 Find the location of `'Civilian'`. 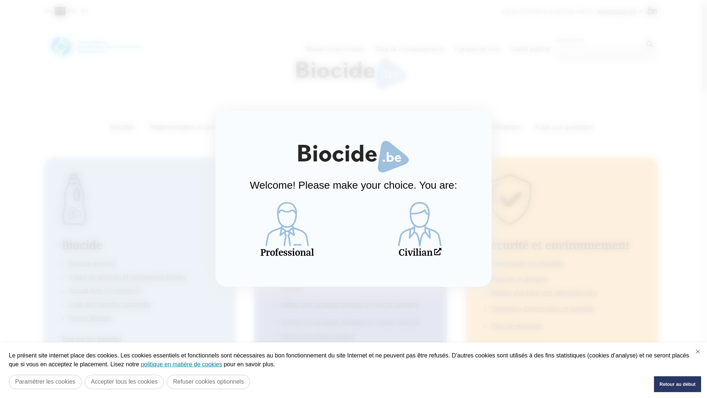

'Civilian' is located at coordinates (420, 229).